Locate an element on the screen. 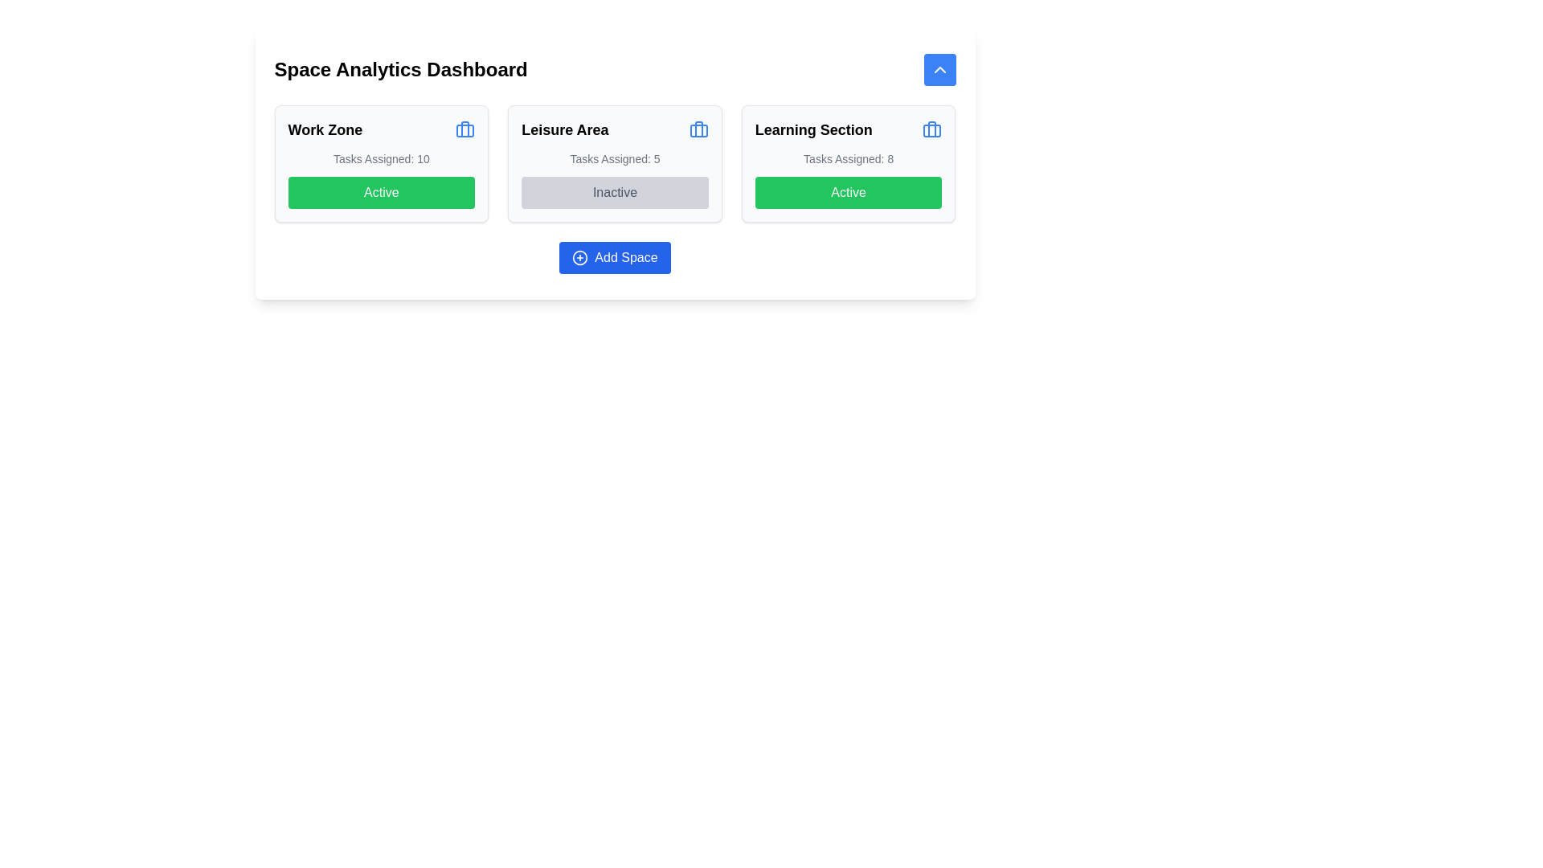 This screenshot has width=1543, height=868. text label displaying 'Leisure Area', which is prominently styled in bold, large font, located centrally in the second section of a horizontally aligned row is located at coordinates (565, 129).